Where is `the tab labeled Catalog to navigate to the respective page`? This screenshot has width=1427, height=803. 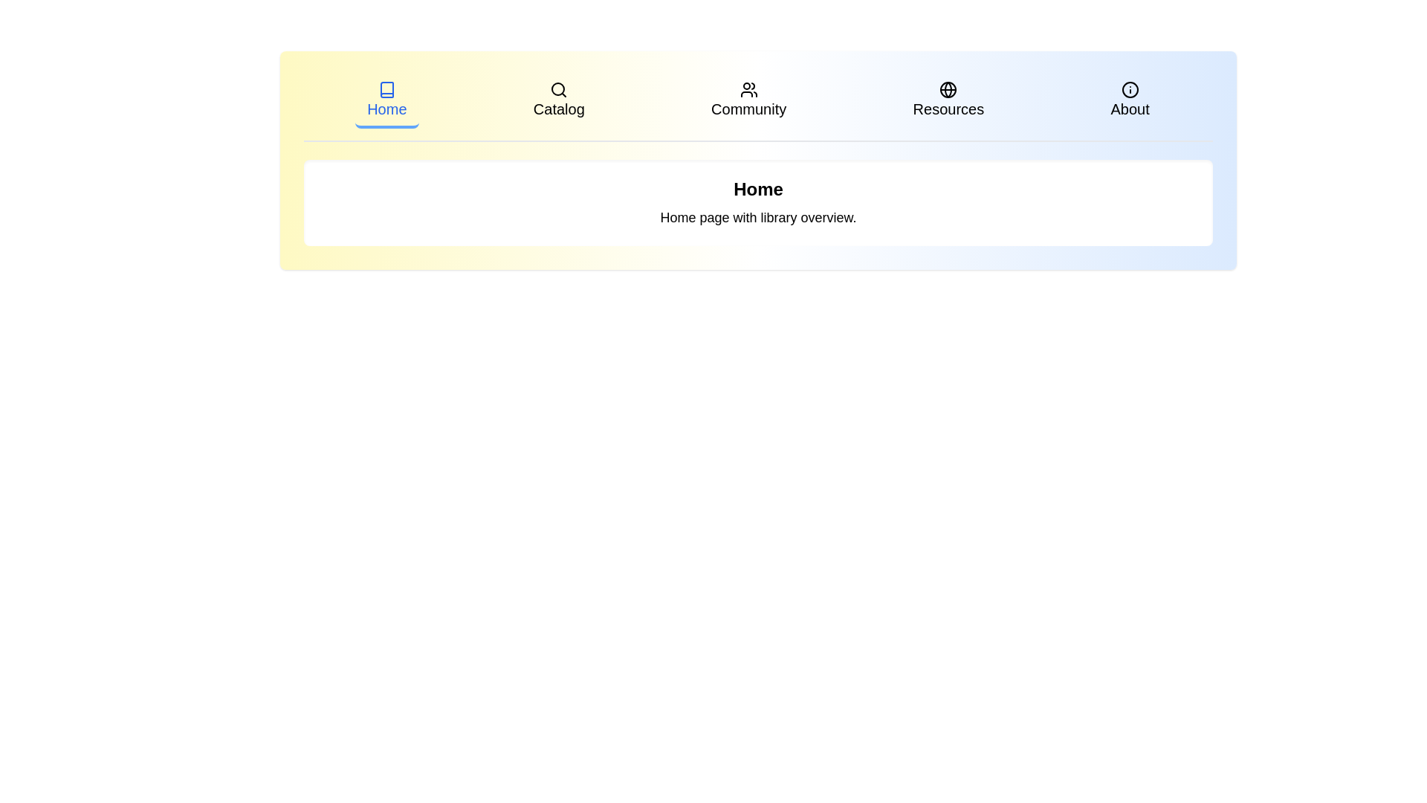 the tab labeled Catalog to navigate to the respective page is located at coordinates (558, 101).